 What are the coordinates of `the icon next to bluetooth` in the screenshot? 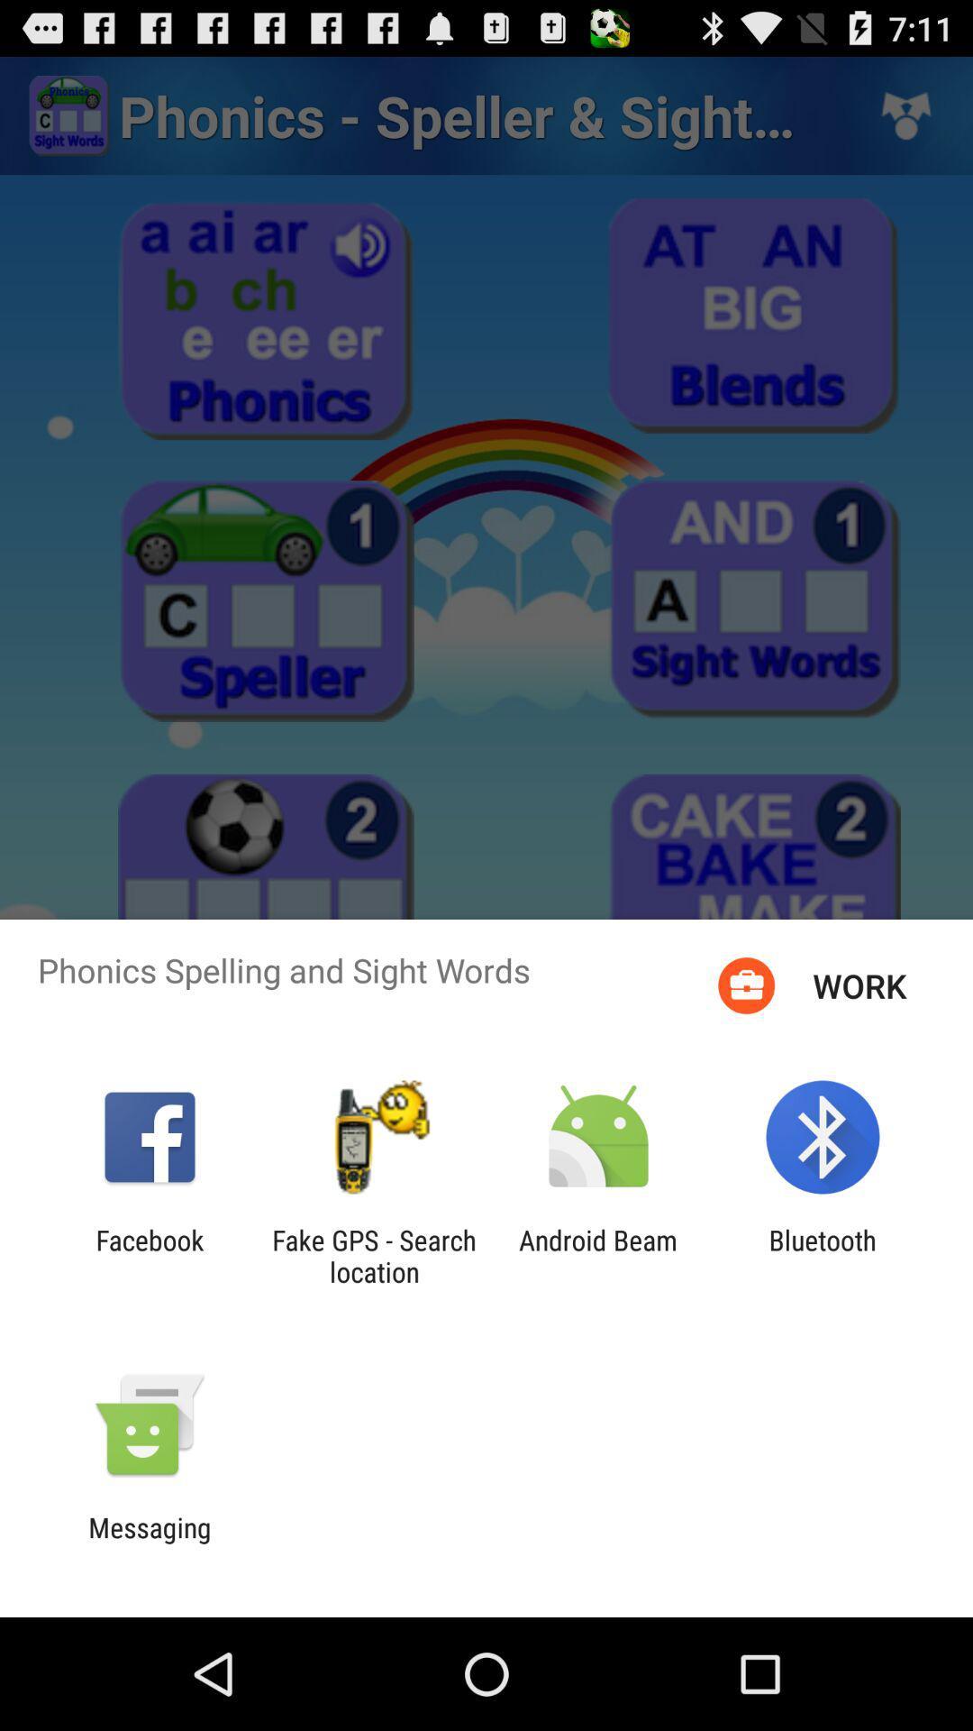 It's located at (598, 1255).